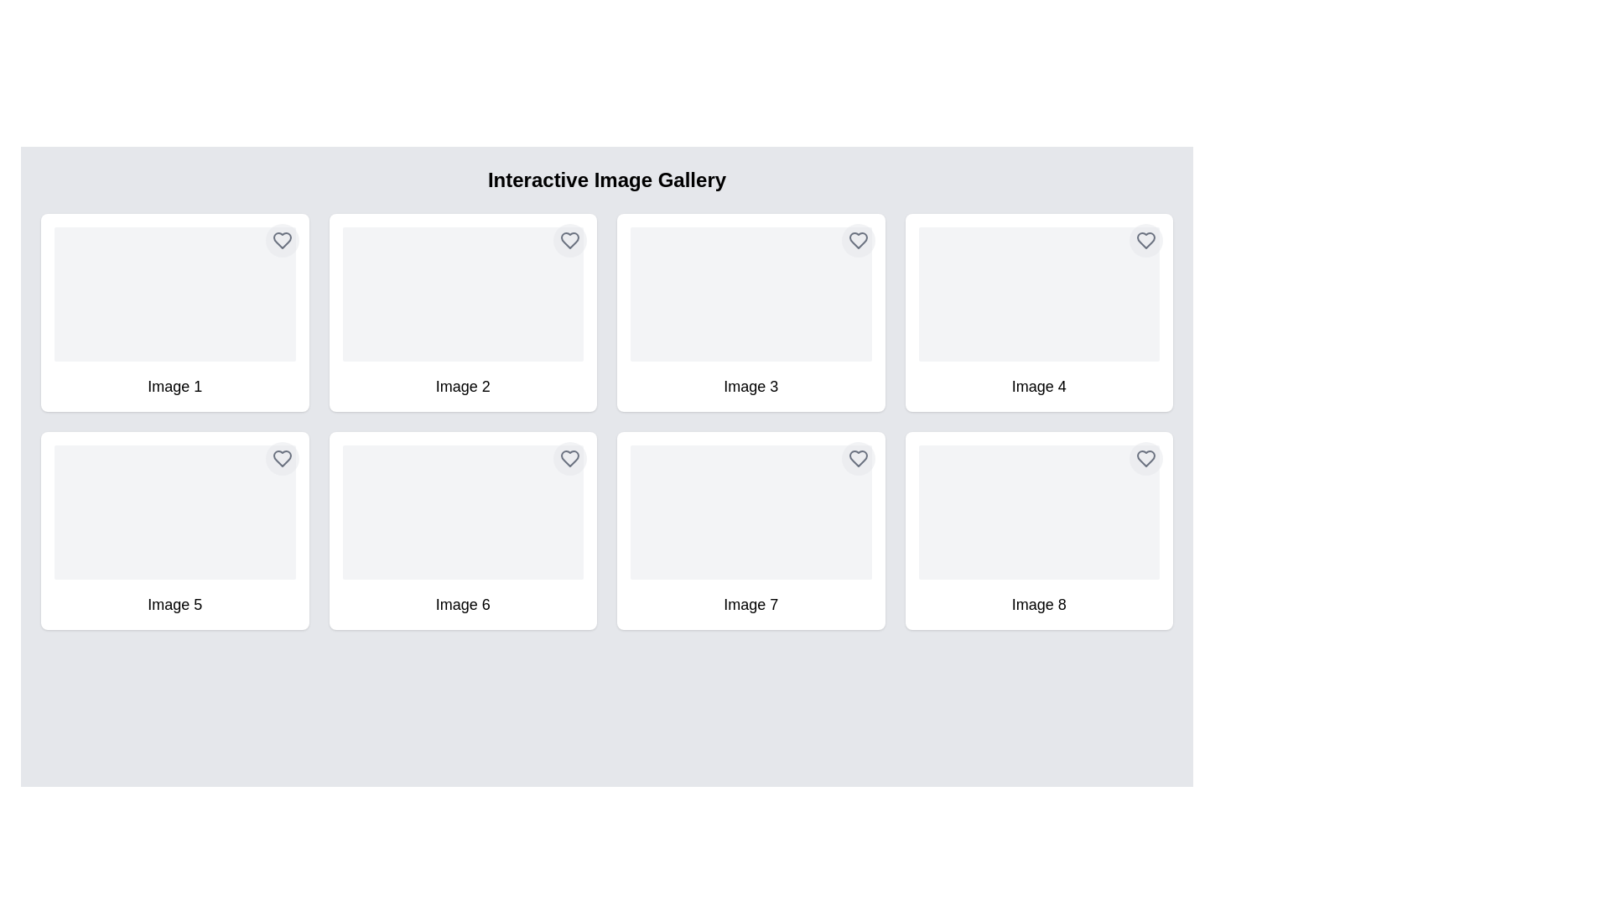 Image resolution: width=1610 pixels, height=906 pixels. I want to click on the heart icon representing a favorite or like indicator, located within the first grid item of the 'Interactive Image Gallery', aligned with the top right corner of the first image card above 'Image 1', so click(282, 240).